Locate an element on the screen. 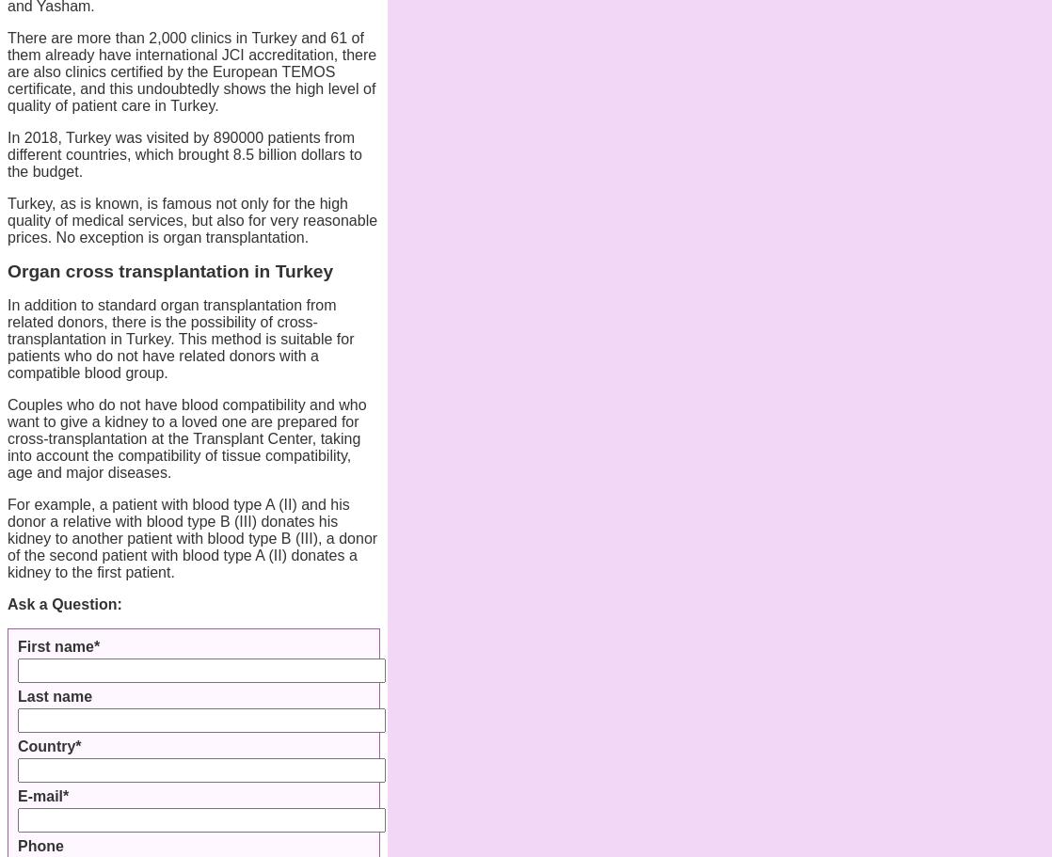  'Turkey, as is known, is famous not only for the high quality of medical services, but also for very reasonable prices. No exception is organ transplantation.' is located at coordinates (192, 220).